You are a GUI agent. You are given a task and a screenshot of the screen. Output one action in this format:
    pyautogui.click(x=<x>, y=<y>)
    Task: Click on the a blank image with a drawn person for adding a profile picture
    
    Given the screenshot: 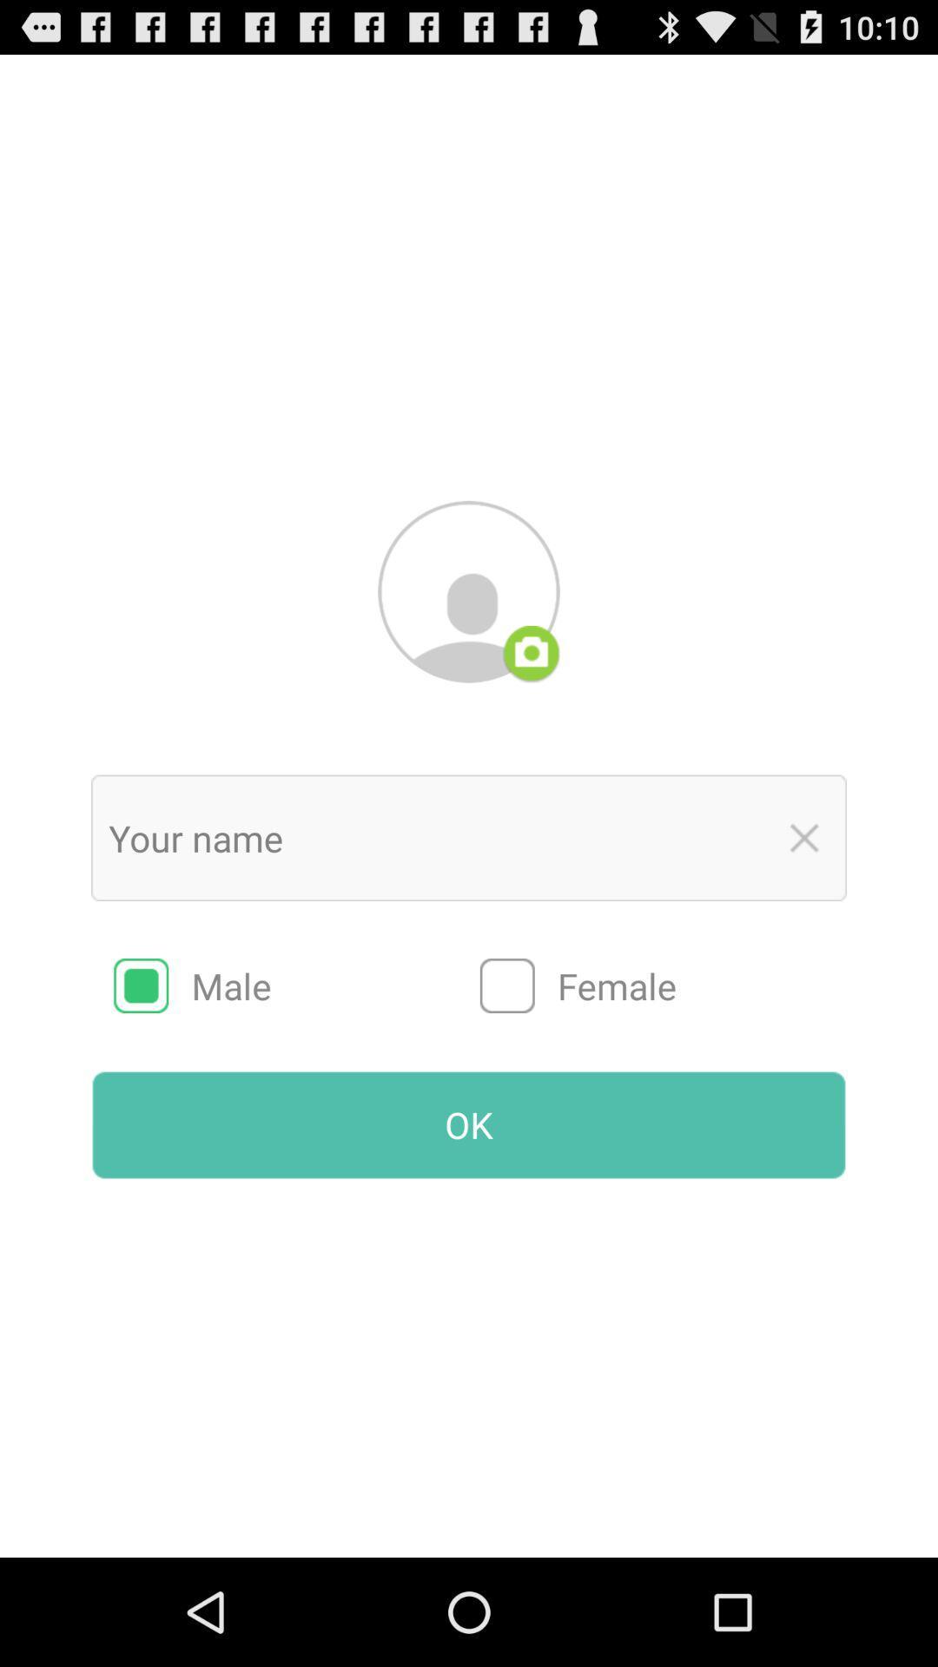 What is the action you would take?
    pyautogui.click(x=469, y=591)
    